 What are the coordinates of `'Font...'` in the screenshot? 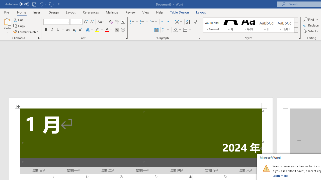 It's located at (126, 37).